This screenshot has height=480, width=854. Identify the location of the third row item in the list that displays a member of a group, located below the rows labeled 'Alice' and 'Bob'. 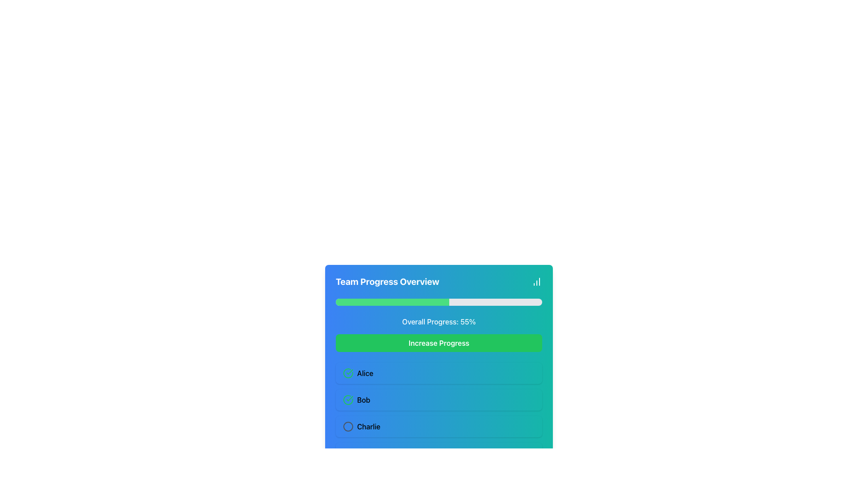
(439, 426).